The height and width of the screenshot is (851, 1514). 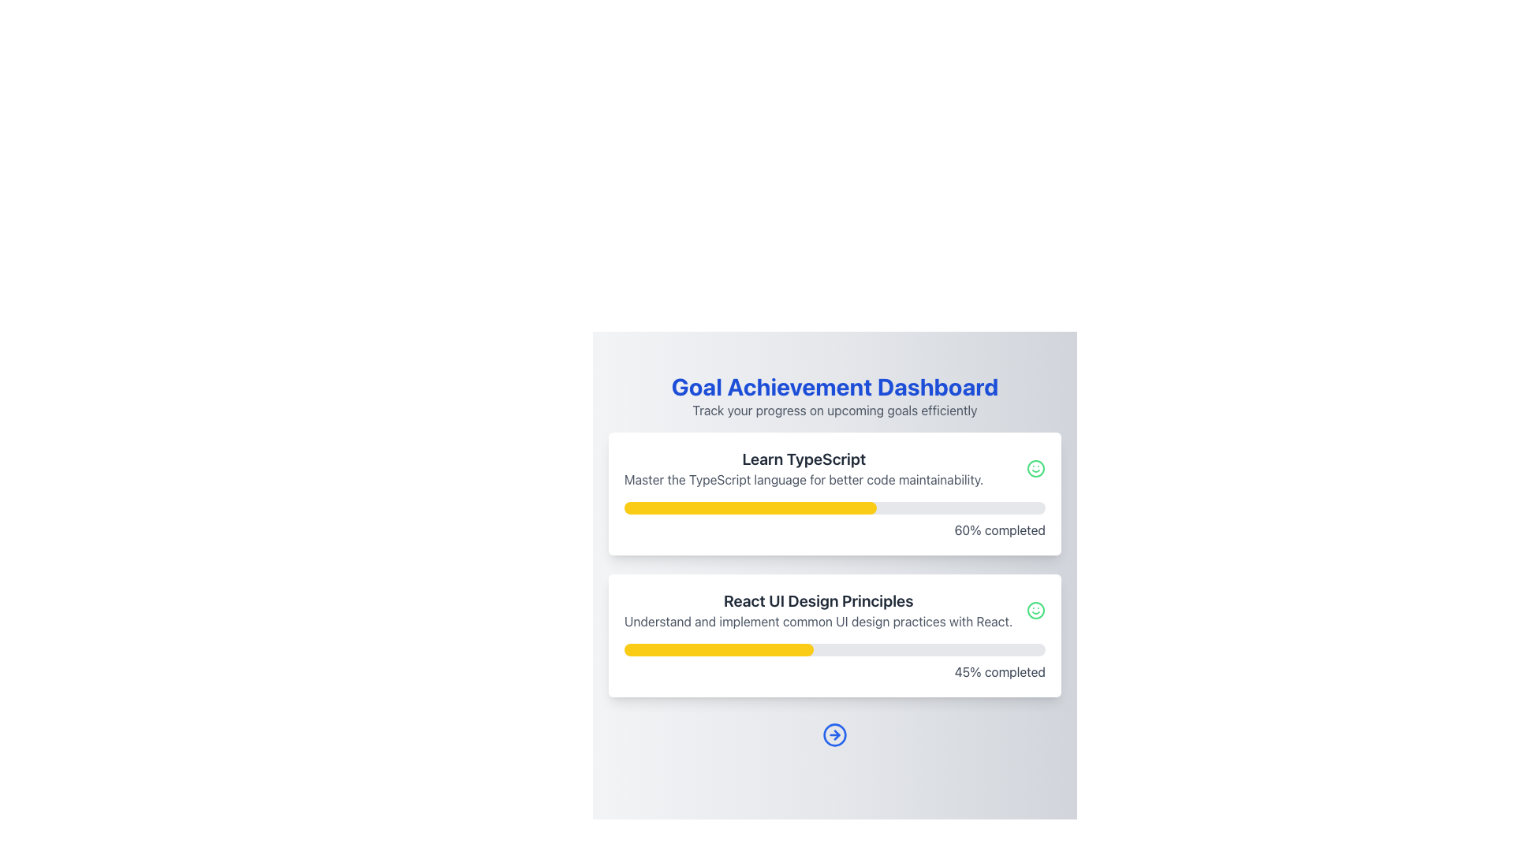 I want to click on the text label displaying 'React UI Design Principles', which serves as the title or key topic of the section, so click(x=819, y=601).